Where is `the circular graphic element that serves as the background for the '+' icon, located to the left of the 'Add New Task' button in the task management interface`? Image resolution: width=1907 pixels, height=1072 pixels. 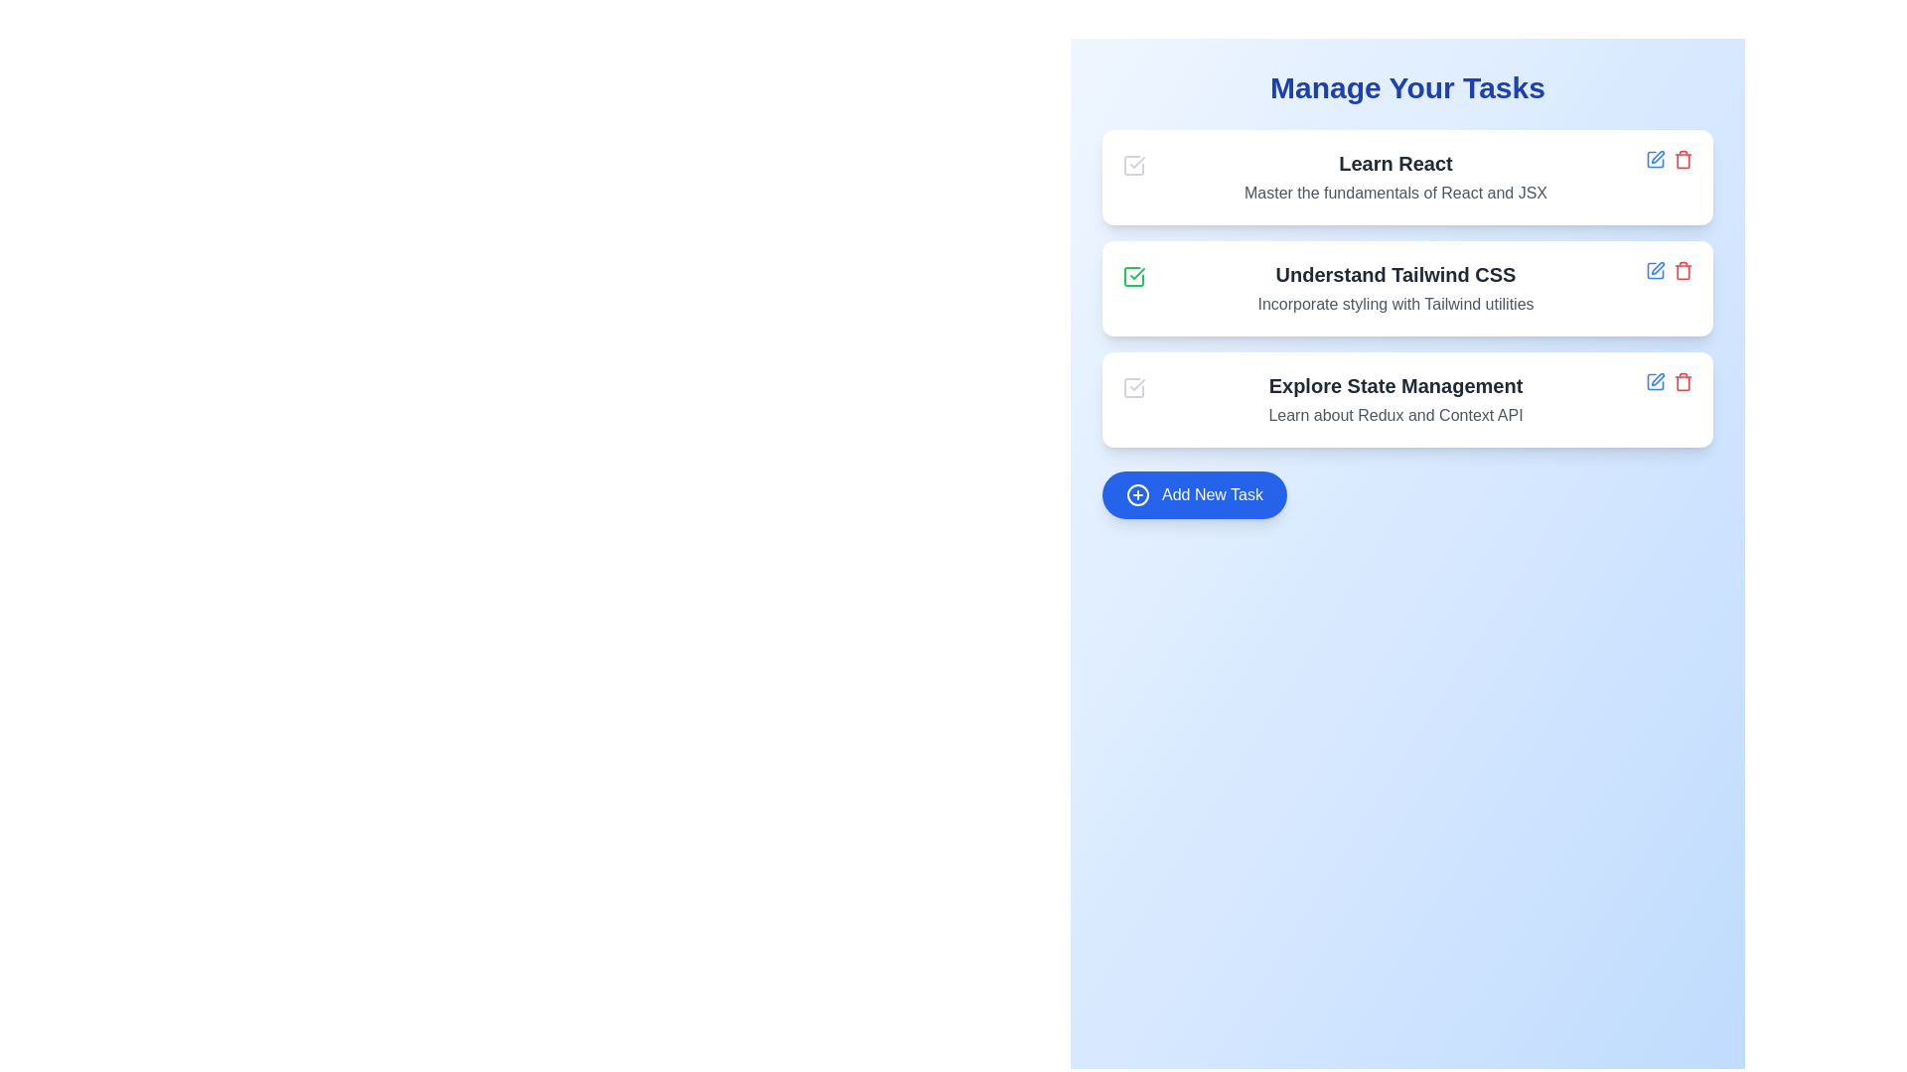
the circular graphic element that serves as the background for the '+' icon, located to the left of the 'Add New Task' button in the task management interface is located at coordinates (1138, 493).